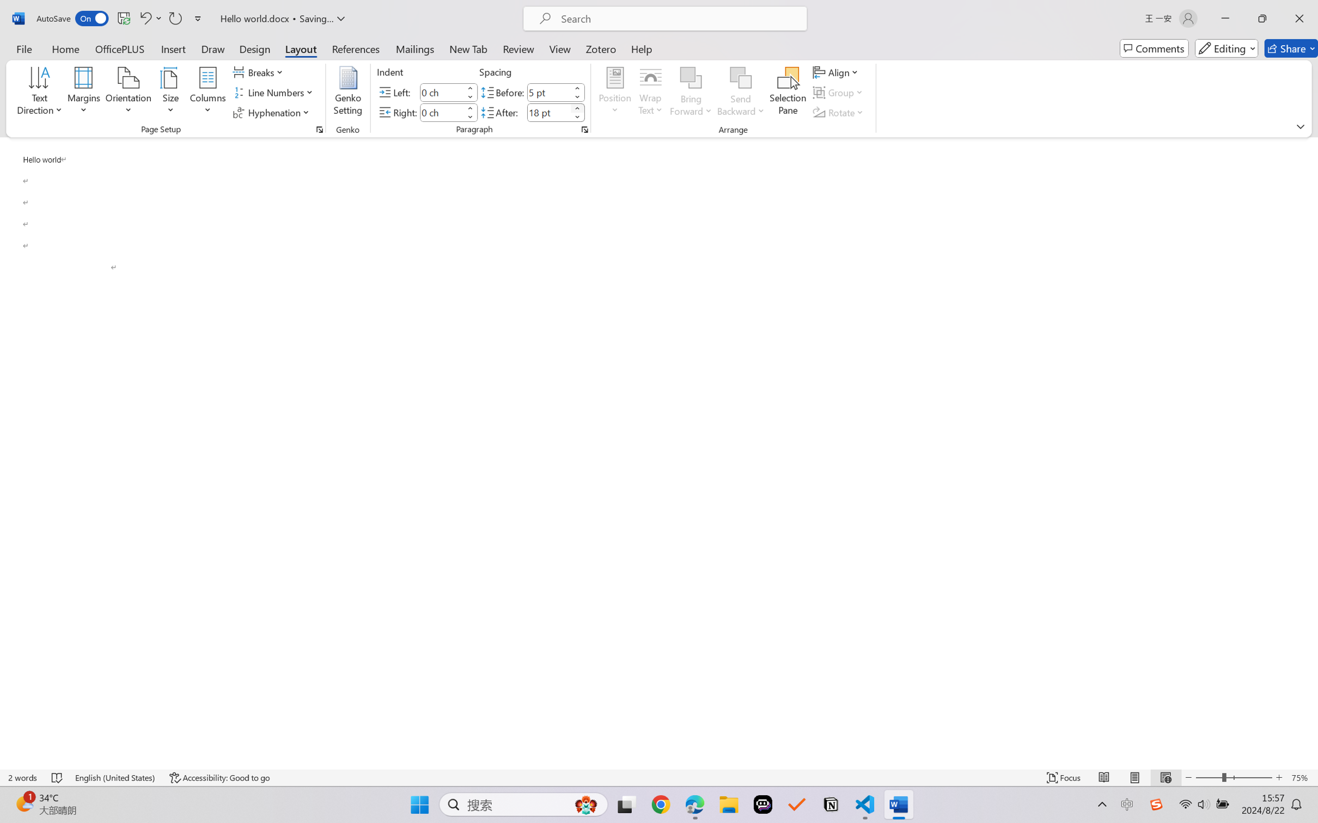 The image size is (1318, 823). I want to click on 'Orientation', so click(128, 93).